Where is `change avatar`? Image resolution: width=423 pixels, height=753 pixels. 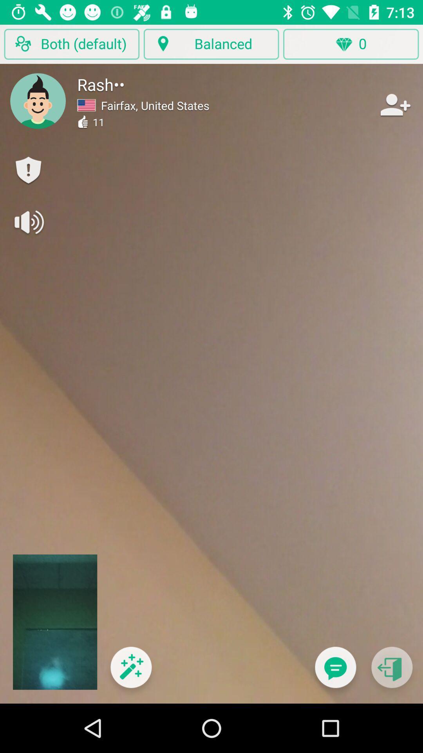 change avatar is located at coordinates (38, 100).